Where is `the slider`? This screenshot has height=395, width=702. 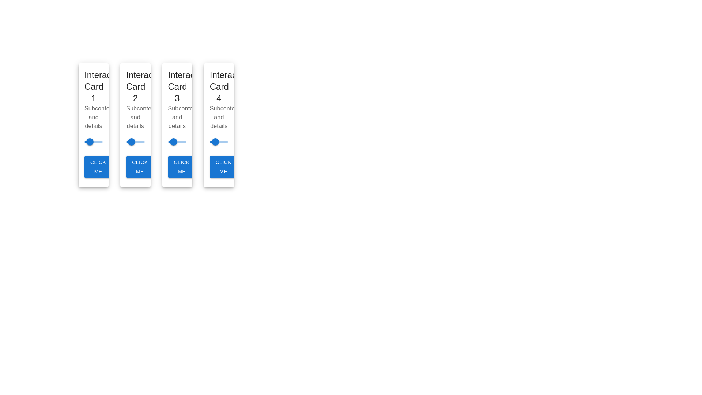
the slider is located at coordinates (132, 142).